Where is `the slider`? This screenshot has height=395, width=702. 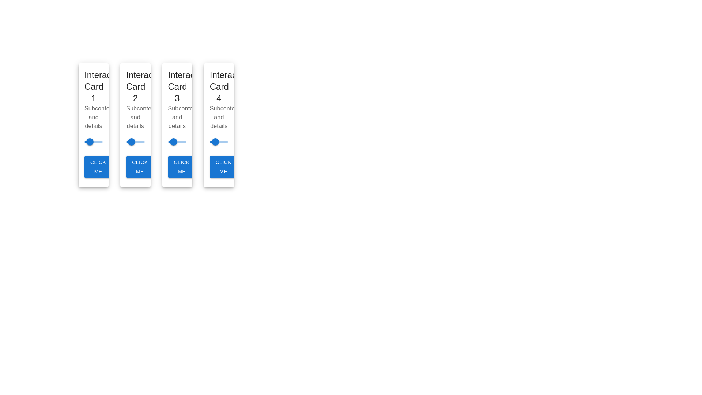
the slider is located at coordinates (132, 142).